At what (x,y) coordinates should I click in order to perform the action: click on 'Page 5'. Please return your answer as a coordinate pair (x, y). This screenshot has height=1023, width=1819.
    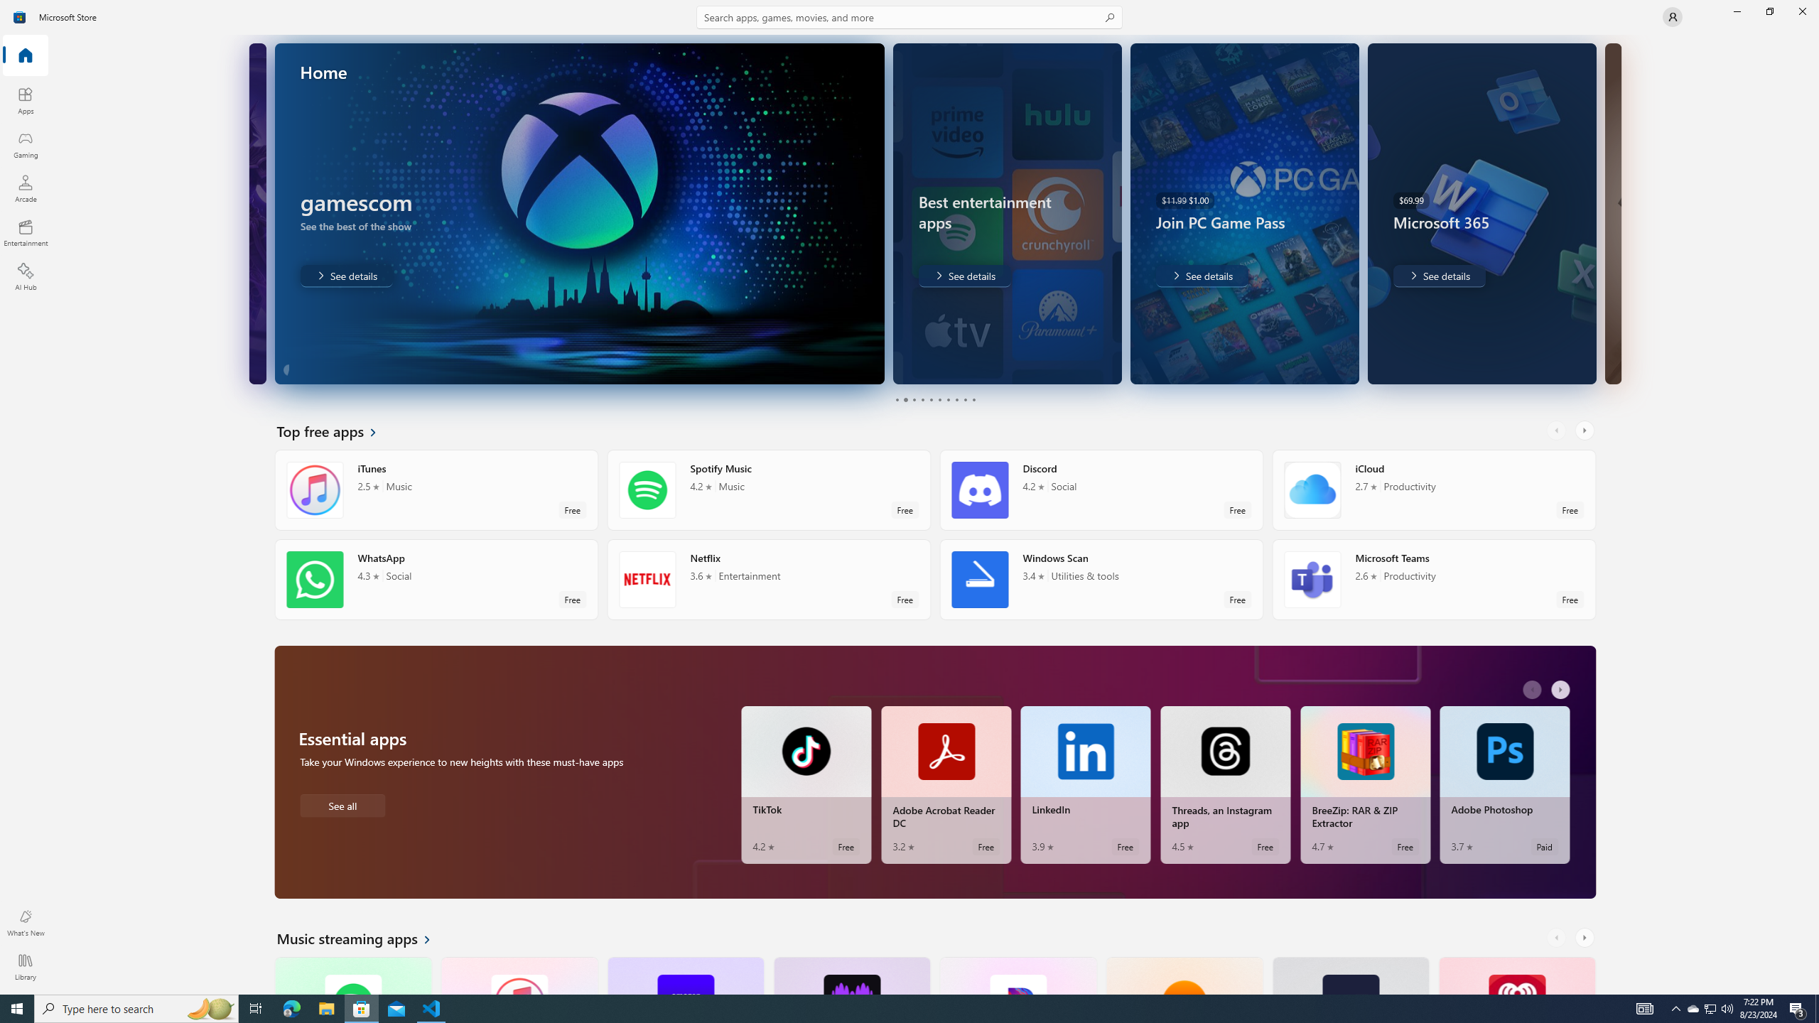
    Looking at the image, I should click on (929, 399).